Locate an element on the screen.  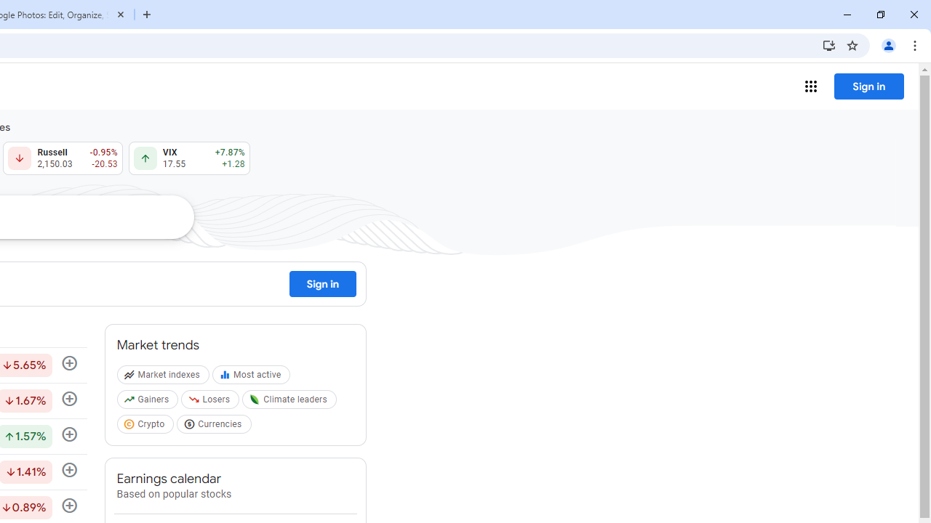
'Russell 2,150.03 Down by 0.95% -20.53' is located at coordinates (62, 158).